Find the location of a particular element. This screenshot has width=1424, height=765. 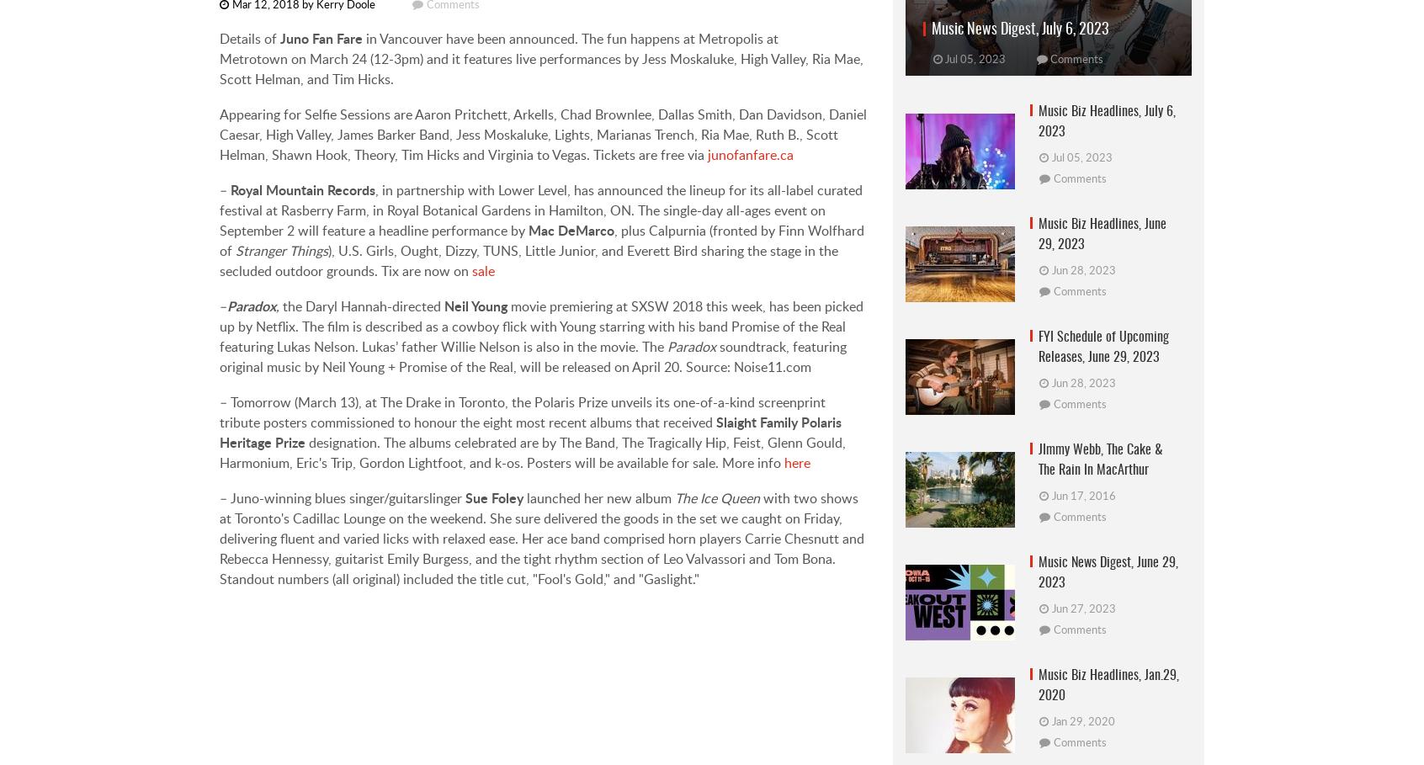

'Details of' is located at coordinates (248, 38).